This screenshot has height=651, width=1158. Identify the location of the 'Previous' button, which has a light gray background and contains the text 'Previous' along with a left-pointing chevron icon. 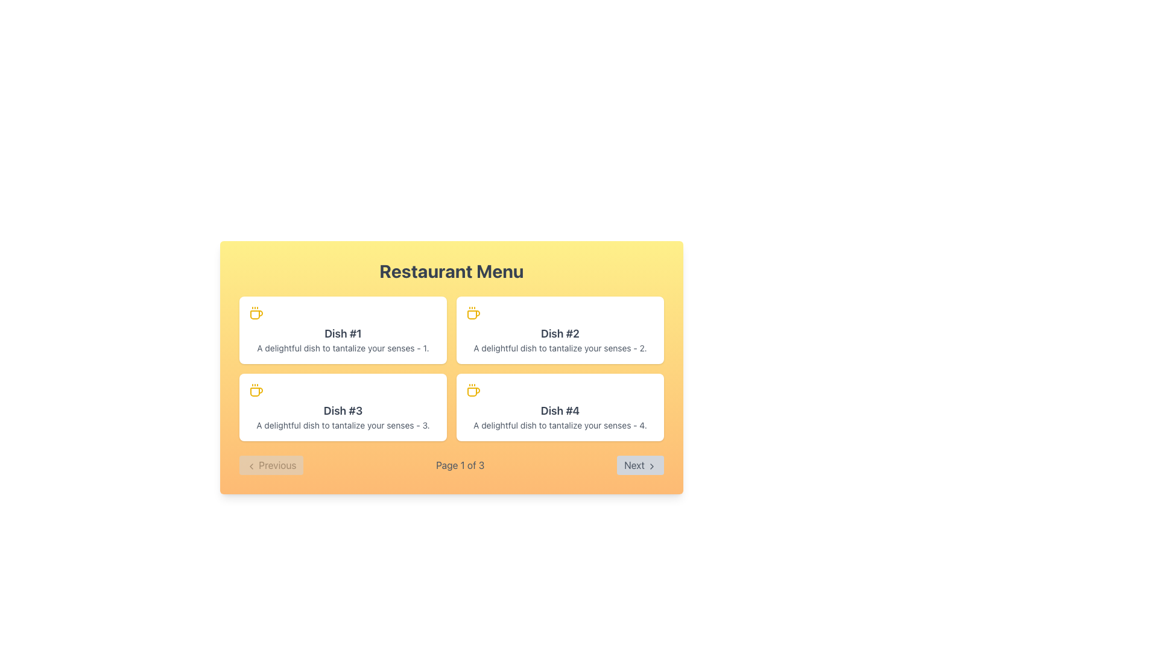
(271, 464).